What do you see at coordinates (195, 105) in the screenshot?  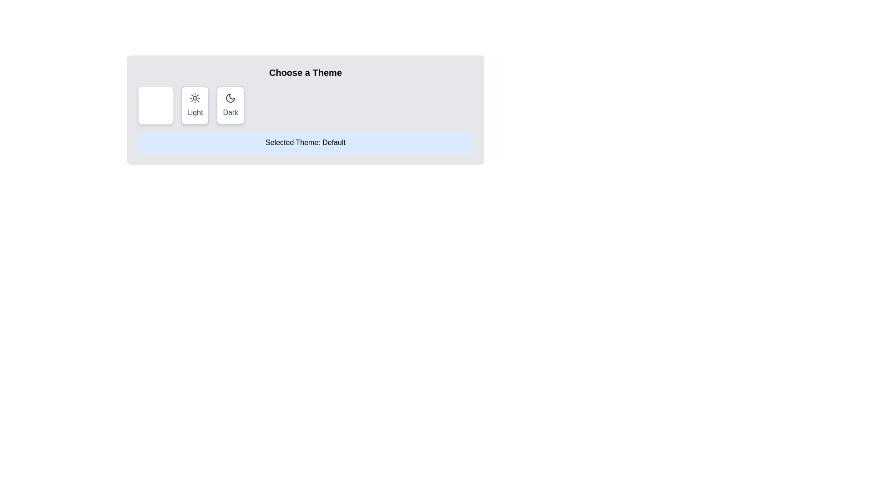 I see `the 'Light' theme button, which is a rectangular button with rounded corners and a sun icon above the text 'Light', located centrally between the 'Default' and 'Dark' buttons` at bounding box center [195, 105].